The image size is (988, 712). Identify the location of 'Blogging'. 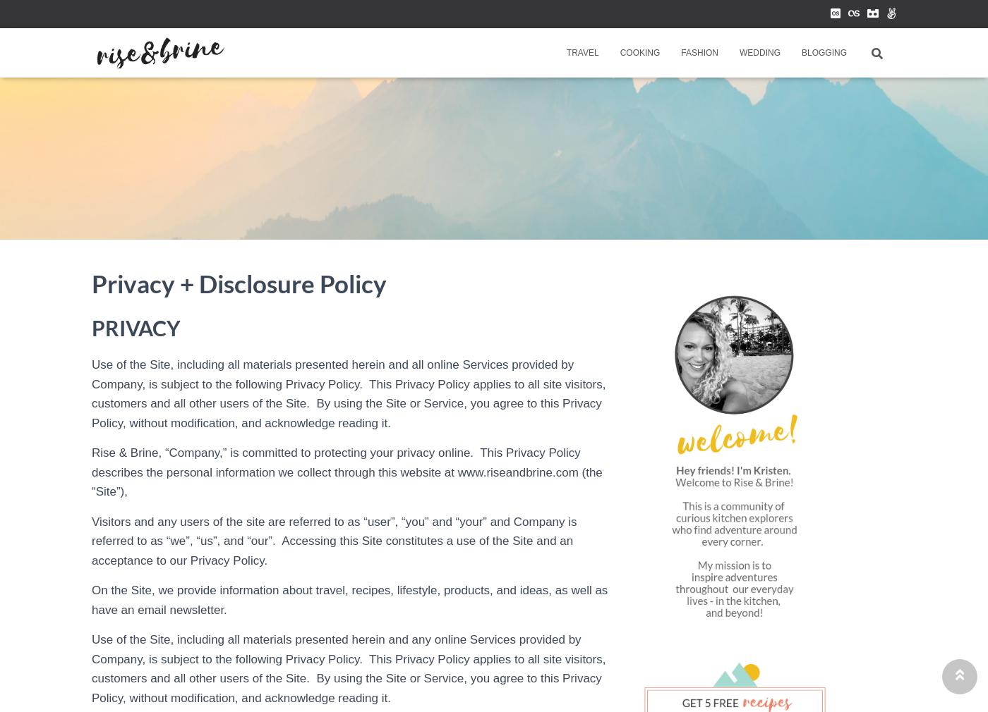
(824, 52).